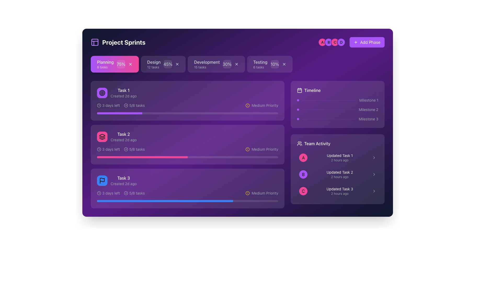 The height and width of the screenshot is (282, 502). Describe the element at coordinates (123, 140) in the screenshot. I see `the timestamp text label located below 'Task 2' in the second task card of the task list under the 'Planning' category` at that location.